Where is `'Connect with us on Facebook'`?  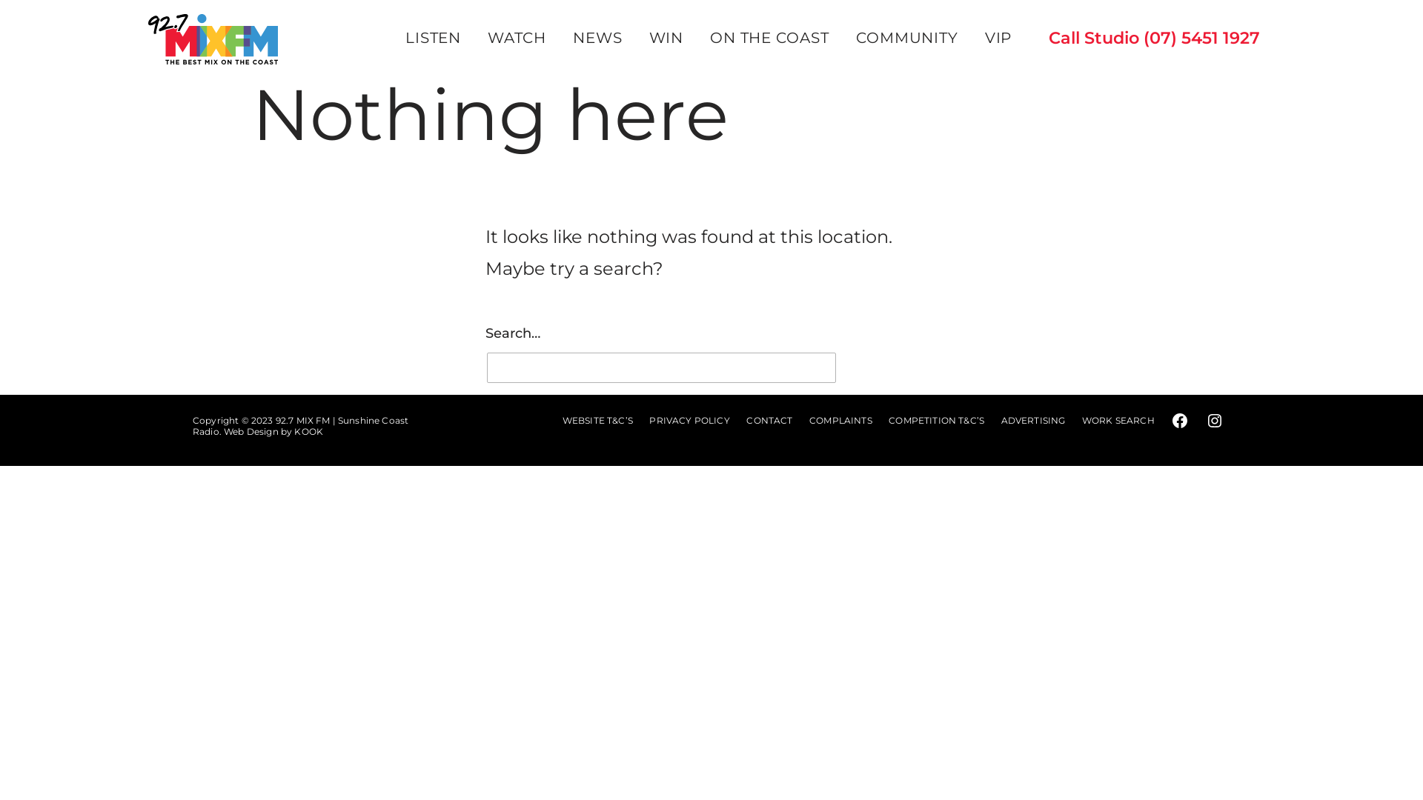
'Connect with us on Facebook' is located at coordinates (1163, 420).